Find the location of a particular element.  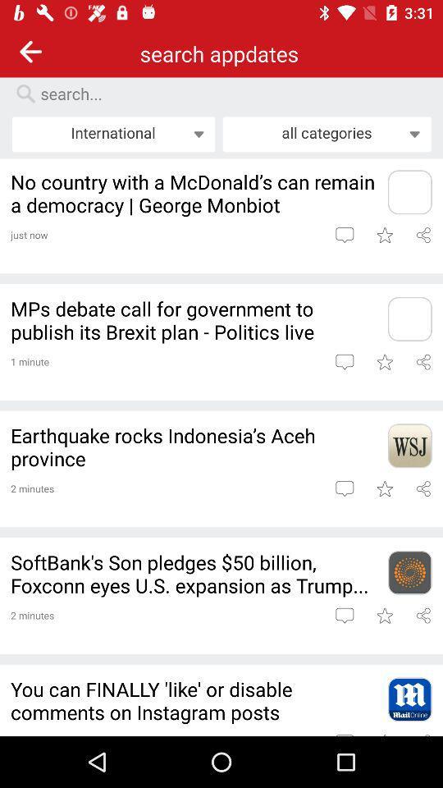

to favorites is located at coordinates (384, 614).